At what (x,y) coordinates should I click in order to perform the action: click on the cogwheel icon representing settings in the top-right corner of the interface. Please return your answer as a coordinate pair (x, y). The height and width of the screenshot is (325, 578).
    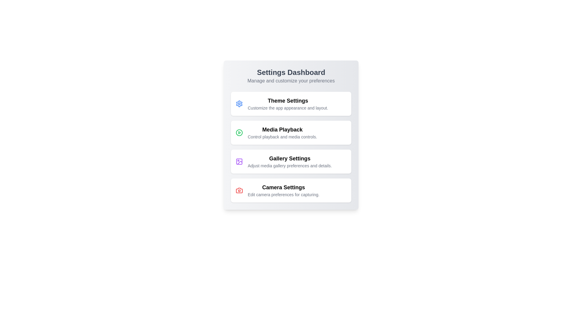
    Looking at the image, I should click on (239, 103).